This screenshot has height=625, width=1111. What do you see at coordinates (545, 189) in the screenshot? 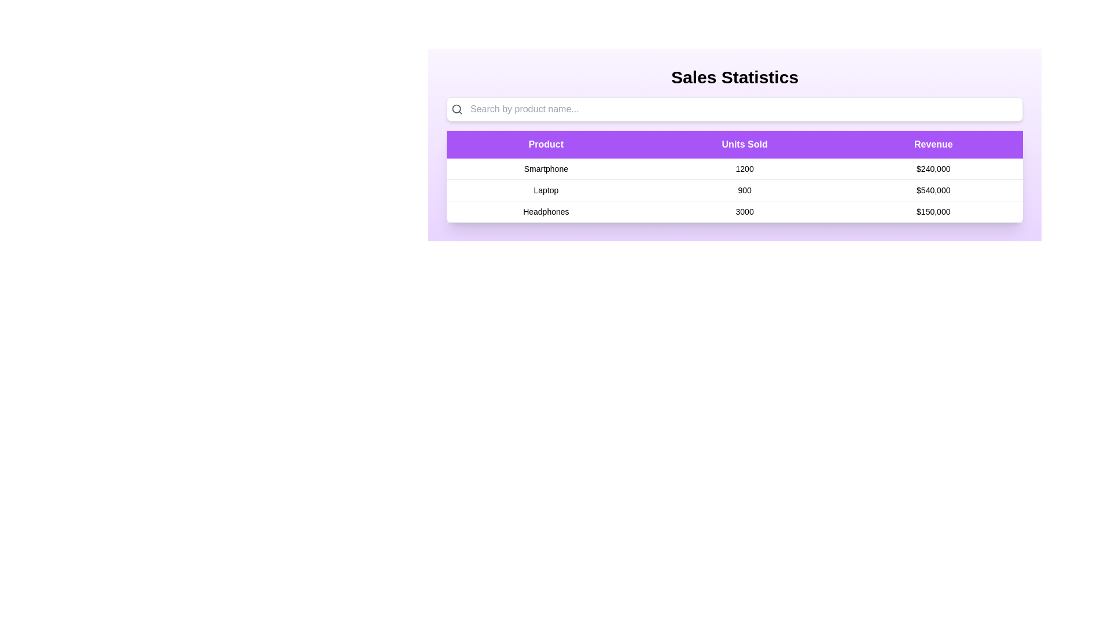
I see `the table row corresponding to Laptop` at bounding box center [545, 189].